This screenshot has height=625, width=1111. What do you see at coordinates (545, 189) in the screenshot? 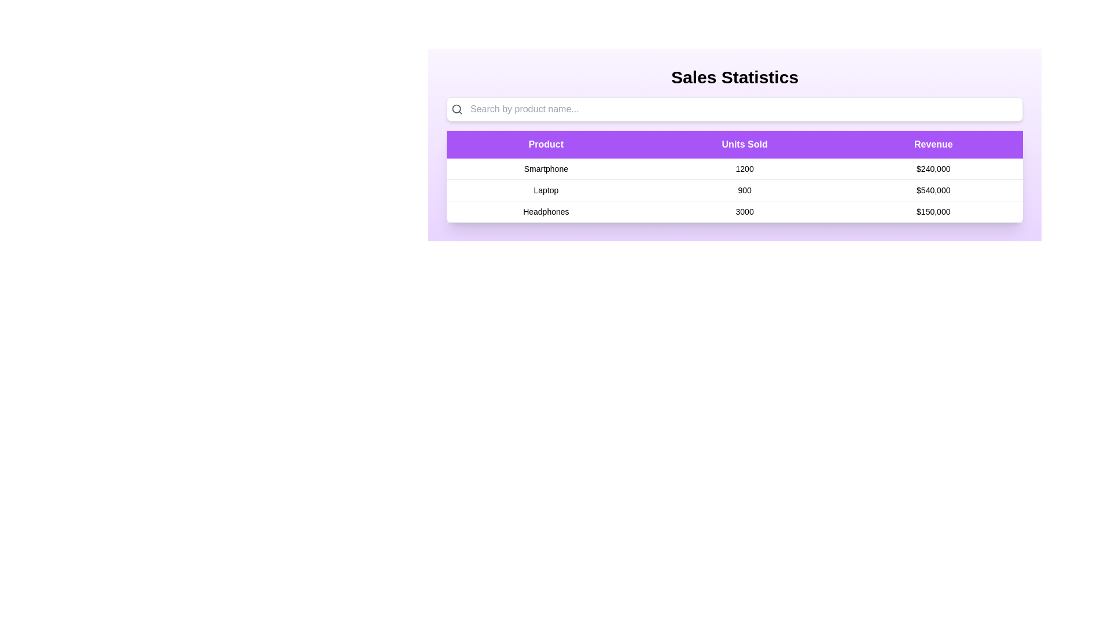
I see `the table row corresponding to Laptop` at bounding box center [545, 189].